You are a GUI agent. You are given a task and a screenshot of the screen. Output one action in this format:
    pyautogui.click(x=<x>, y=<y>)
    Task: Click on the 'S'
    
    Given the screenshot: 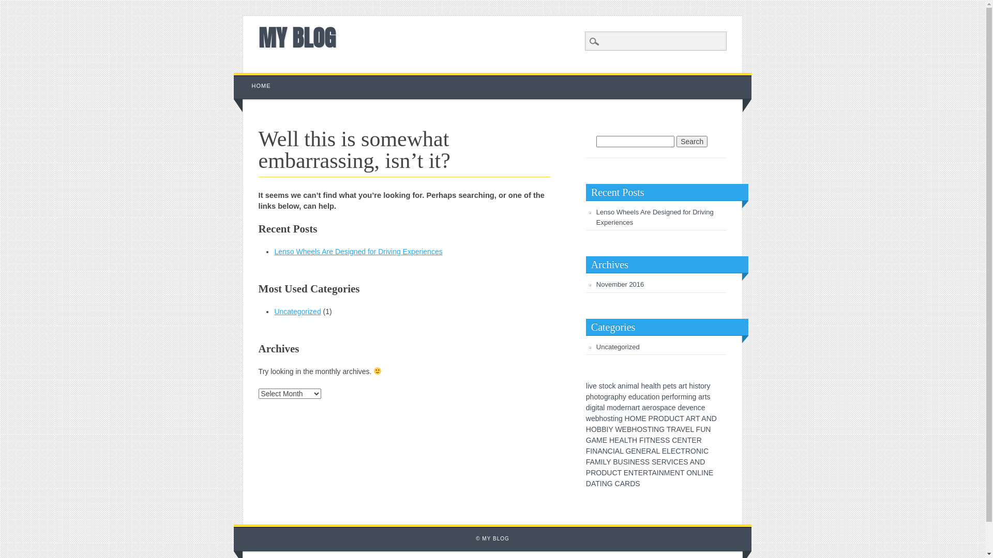 What is the action you would take?
    pyautogui.click(x=644, y=429)
    